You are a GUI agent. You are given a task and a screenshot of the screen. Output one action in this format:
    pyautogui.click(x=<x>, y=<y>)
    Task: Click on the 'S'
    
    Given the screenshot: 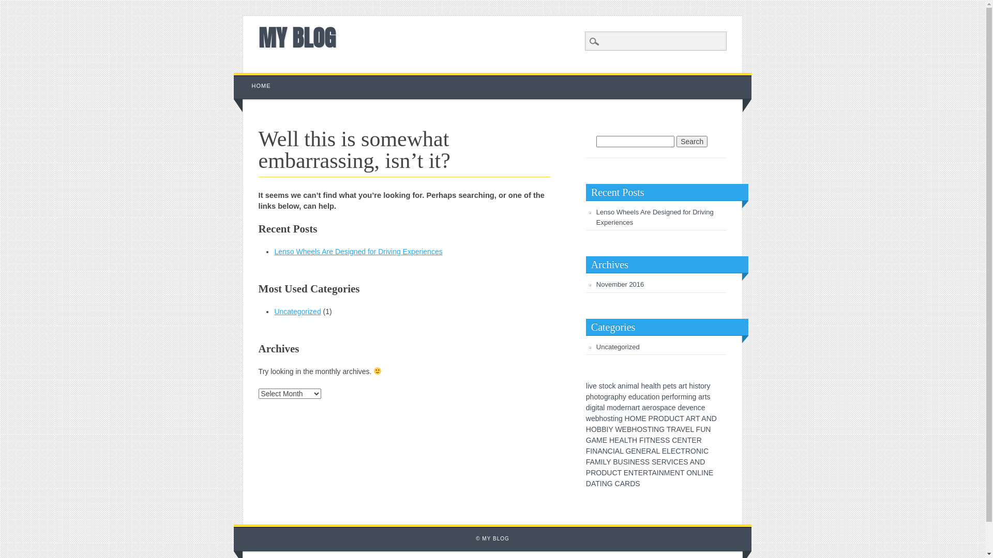 What is the action you would take?
    pyautogui.click(x=644, y=429)
    